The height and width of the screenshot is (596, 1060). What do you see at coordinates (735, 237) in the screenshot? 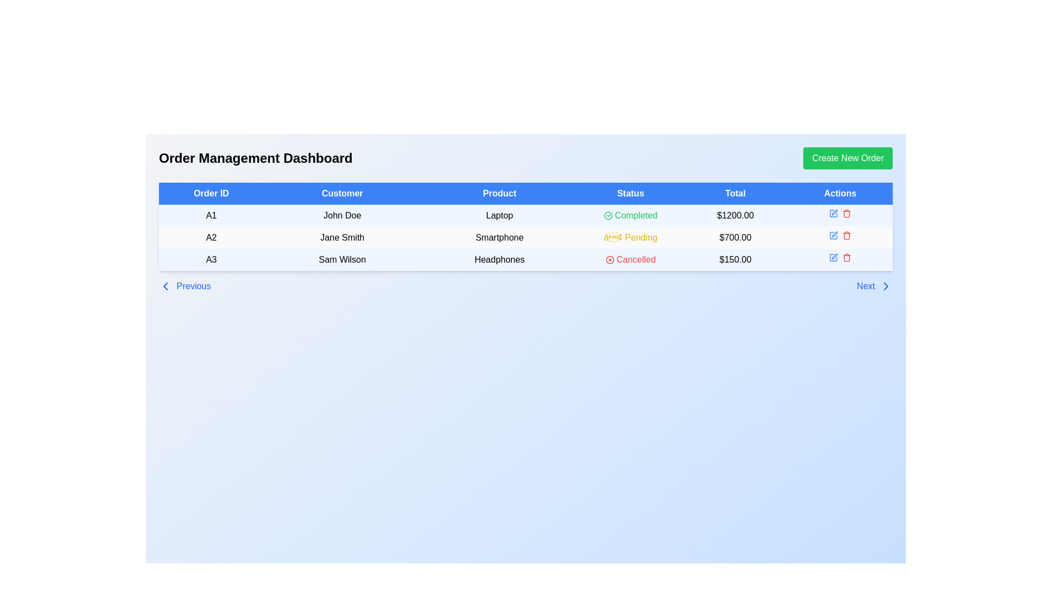
I see `the element displaying the text '$700.00' in bold black font, which is the fifth visible cell in the second row of the table under the 'Total' column` at bounding box center [735, 237].